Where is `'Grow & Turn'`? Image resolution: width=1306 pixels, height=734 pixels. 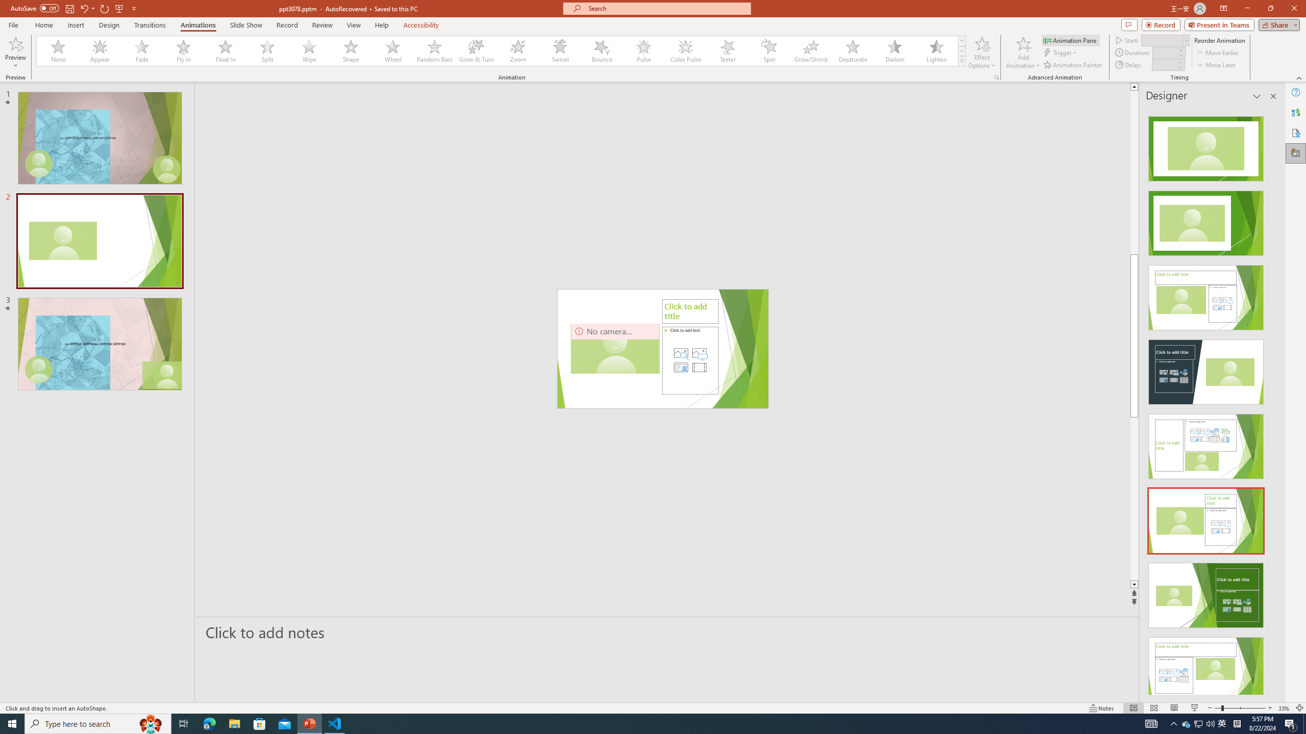 'Grow & Turn' is located at coordinates (476, 50).